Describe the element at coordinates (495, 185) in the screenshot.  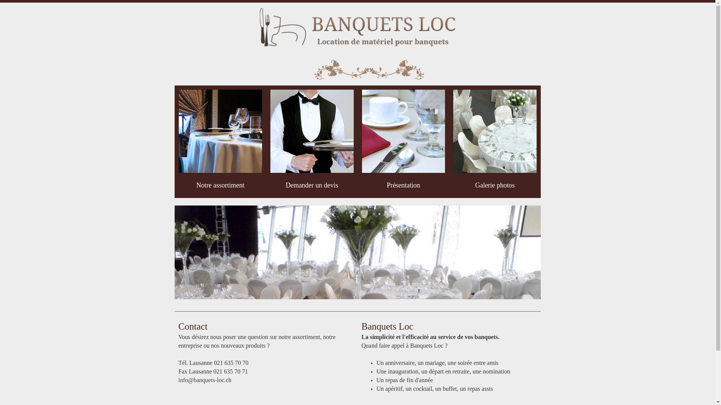
I see `'Galerie photos'` at that location.